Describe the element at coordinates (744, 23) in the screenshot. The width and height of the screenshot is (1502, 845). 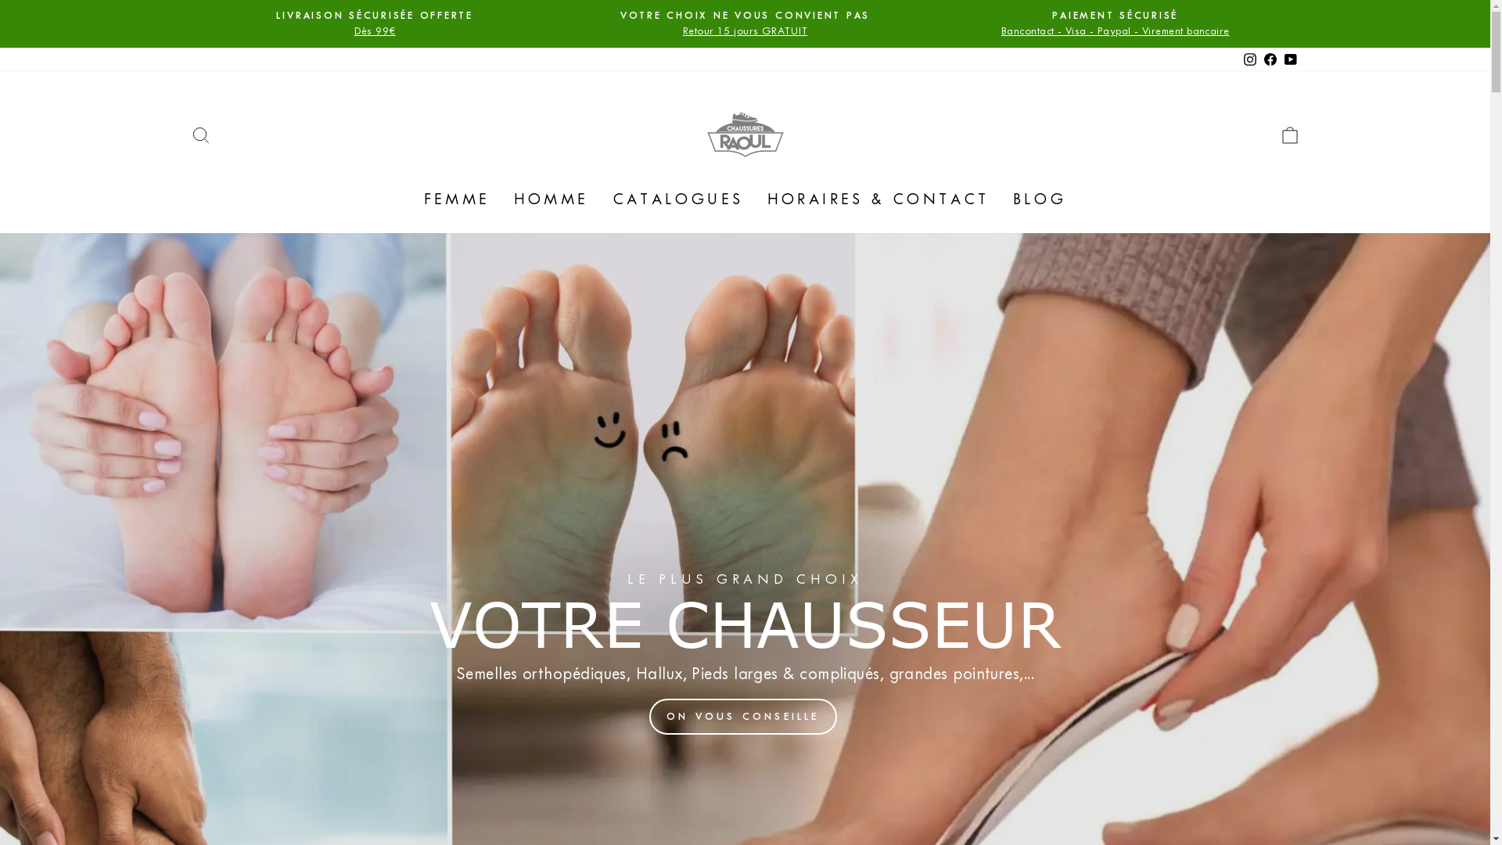
I see `'VOTRE CHOIX NE VOUS CONVIENT PAS` at that location.